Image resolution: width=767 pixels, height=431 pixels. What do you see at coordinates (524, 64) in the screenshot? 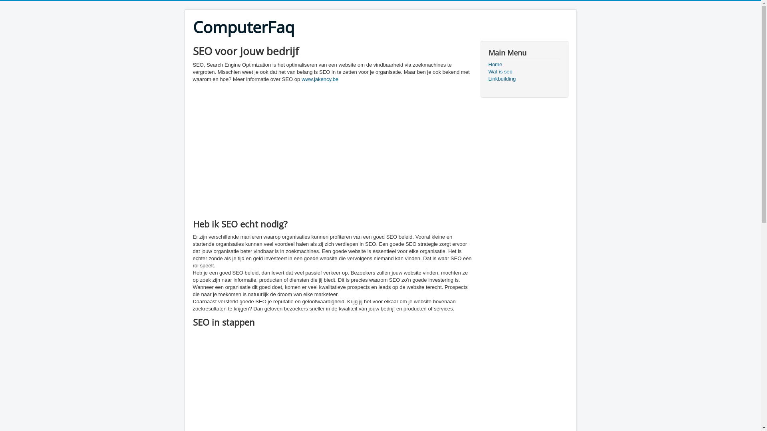
I see `'Home'` at bounding box center [524, 64].